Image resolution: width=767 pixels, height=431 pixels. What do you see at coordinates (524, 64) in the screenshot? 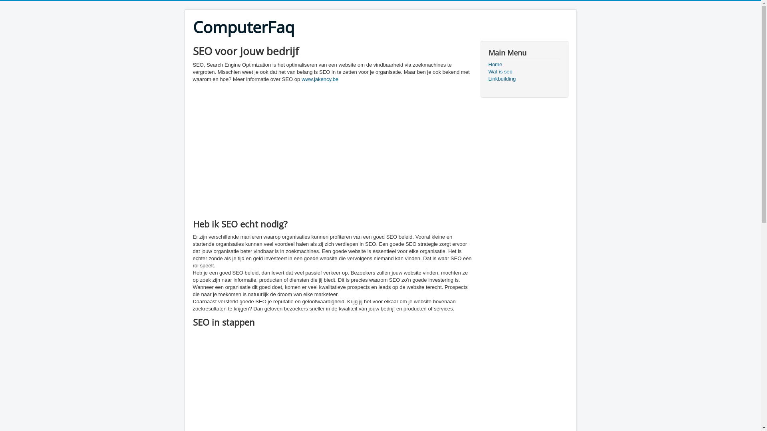
I see `'Home'` at bounding box center [524, 64].